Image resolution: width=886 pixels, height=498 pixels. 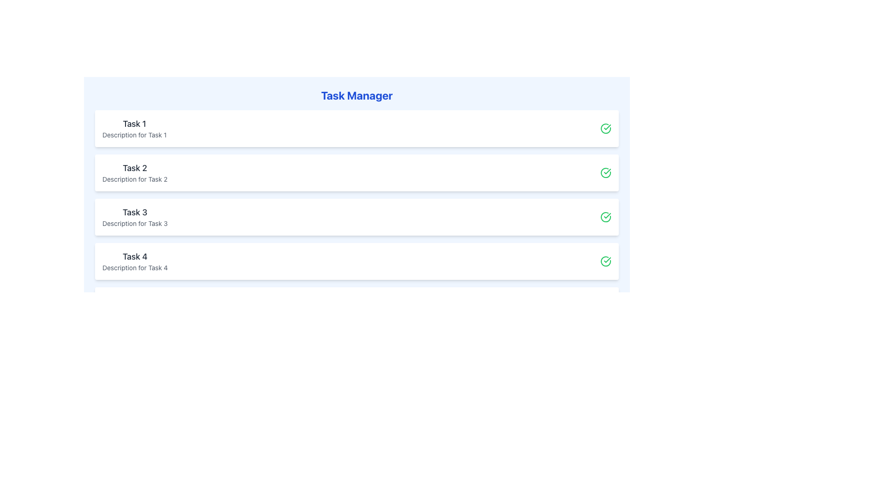 I want to click on the green checkmark icon on the right side of the row for 'Task 1', so click(x=606, y=128).